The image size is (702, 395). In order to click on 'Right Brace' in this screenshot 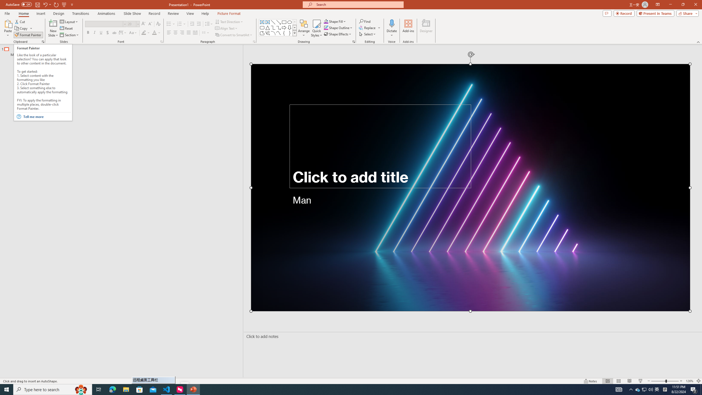, I will do `click(289, 33)`.